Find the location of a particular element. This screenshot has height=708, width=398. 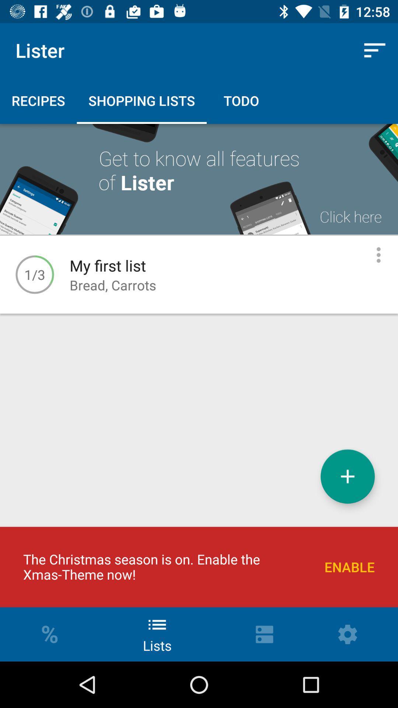

the icon below the bread, carrots is located at coordinates (348, 476).